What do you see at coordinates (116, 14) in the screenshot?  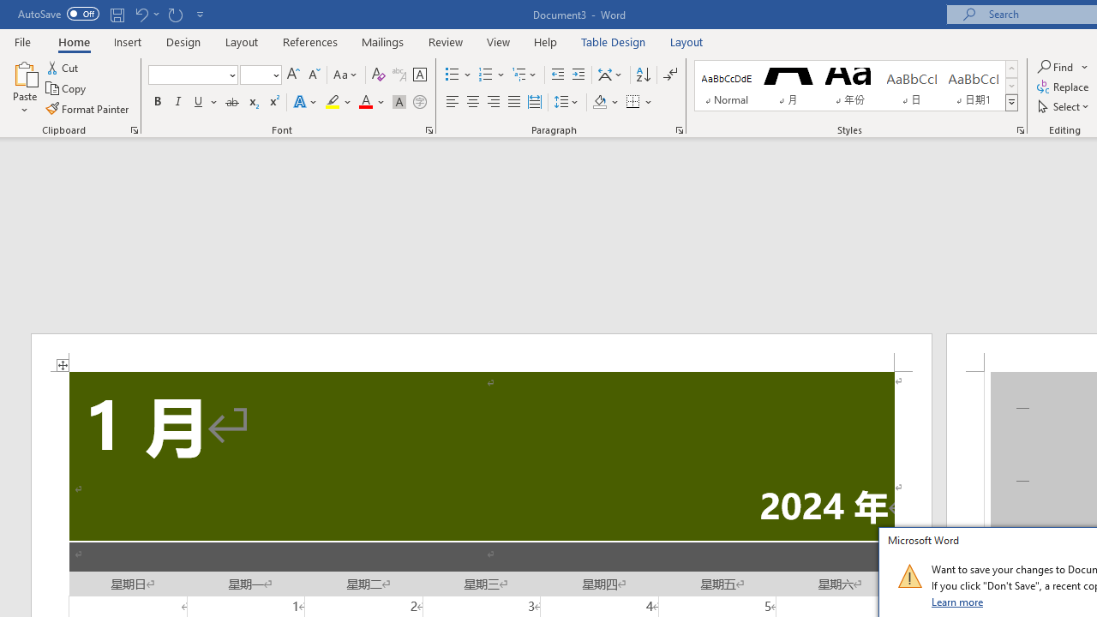 I see `'Save'` at bounding box center [116, 14].